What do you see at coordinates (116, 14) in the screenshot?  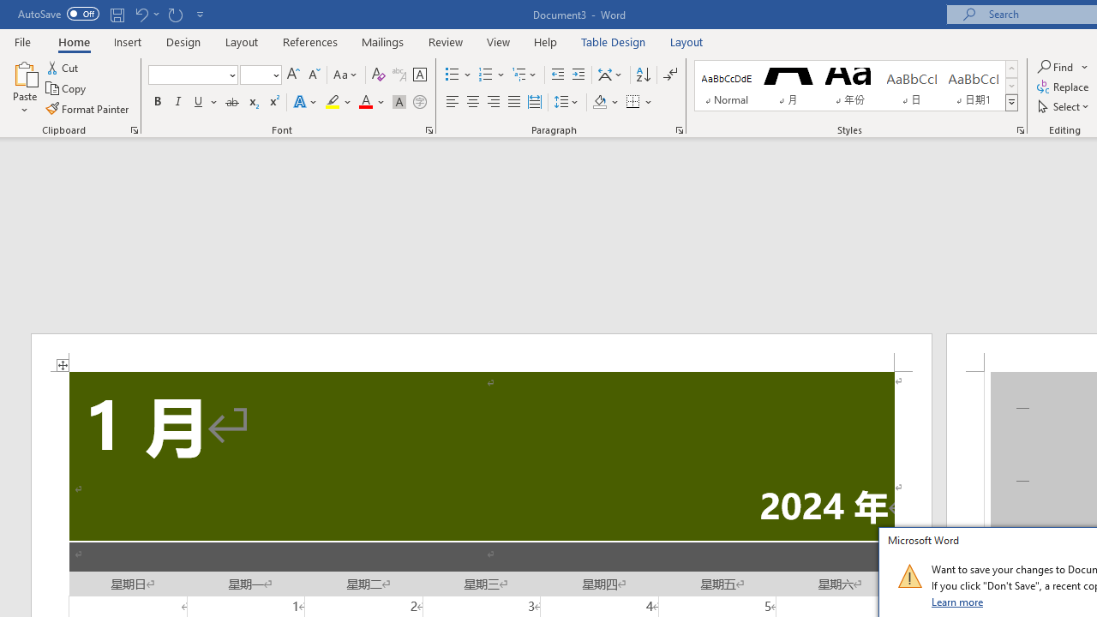 I see `'Save'` at bounding box center [116, 14].